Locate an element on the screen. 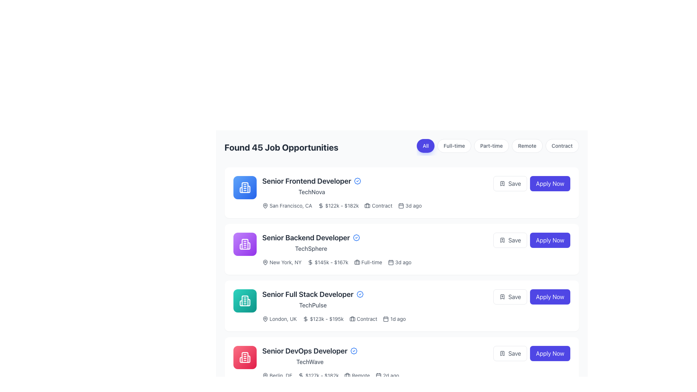  the 'Senior Frontend Developer' text label, which is styled with bold typography and is part of a job listing entry, to possibly open a detailed job description is located at coordinates (312, 180).